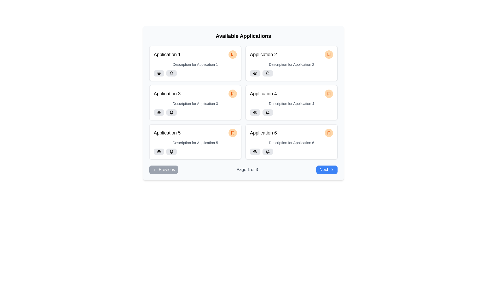 The width and height of the screenshot is (502, 282). I want to click on the bell-shaped notification icon located below the description text of 'Application 4', positioned in the second row and second column of the application grid layout, so click(267, 112).